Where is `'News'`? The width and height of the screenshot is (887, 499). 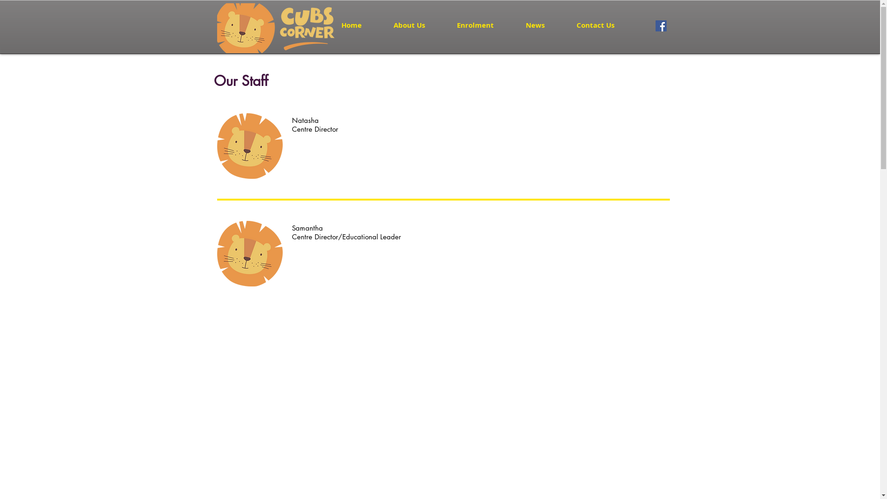 'News' is located at coordinates (543, 24).